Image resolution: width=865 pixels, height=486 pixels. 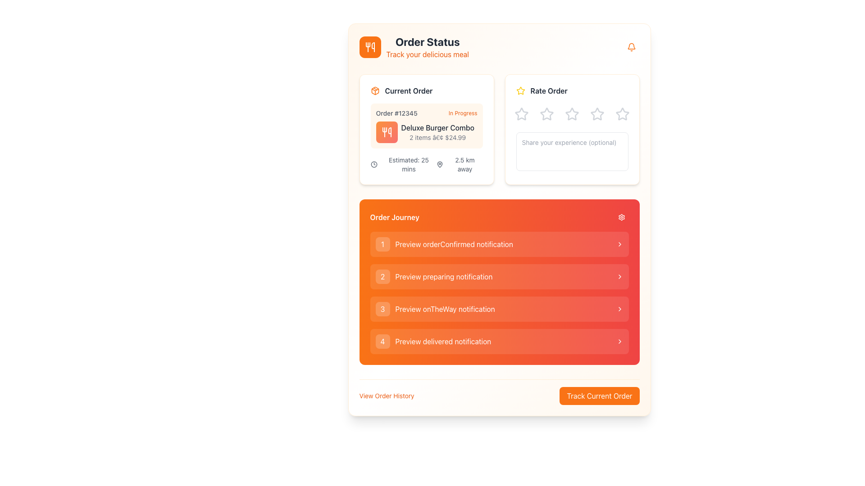 I want to click on the fifth star rating icon in the 'Rate Order' section, so click(x=622, y=114).